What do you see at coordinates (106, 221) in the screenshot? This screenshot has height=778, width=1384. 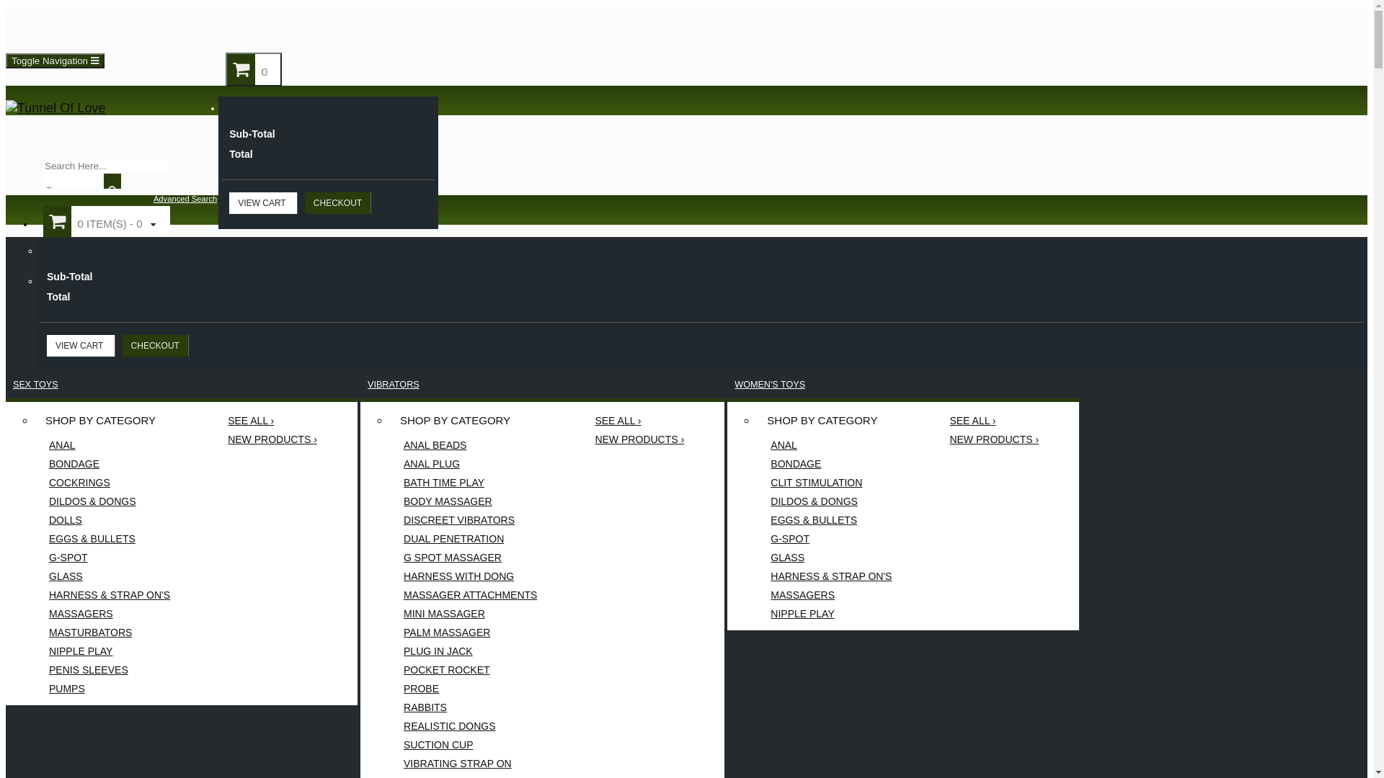 I see `'0 ITEM(S) - 0'` at bounding box center [106, 221].